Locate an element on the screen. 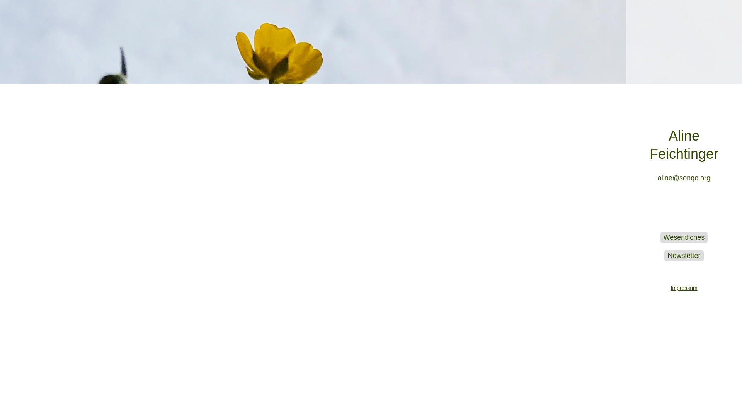 The image size is (742, 417). 'Wesentliches' is located at coordinates (660, 237).